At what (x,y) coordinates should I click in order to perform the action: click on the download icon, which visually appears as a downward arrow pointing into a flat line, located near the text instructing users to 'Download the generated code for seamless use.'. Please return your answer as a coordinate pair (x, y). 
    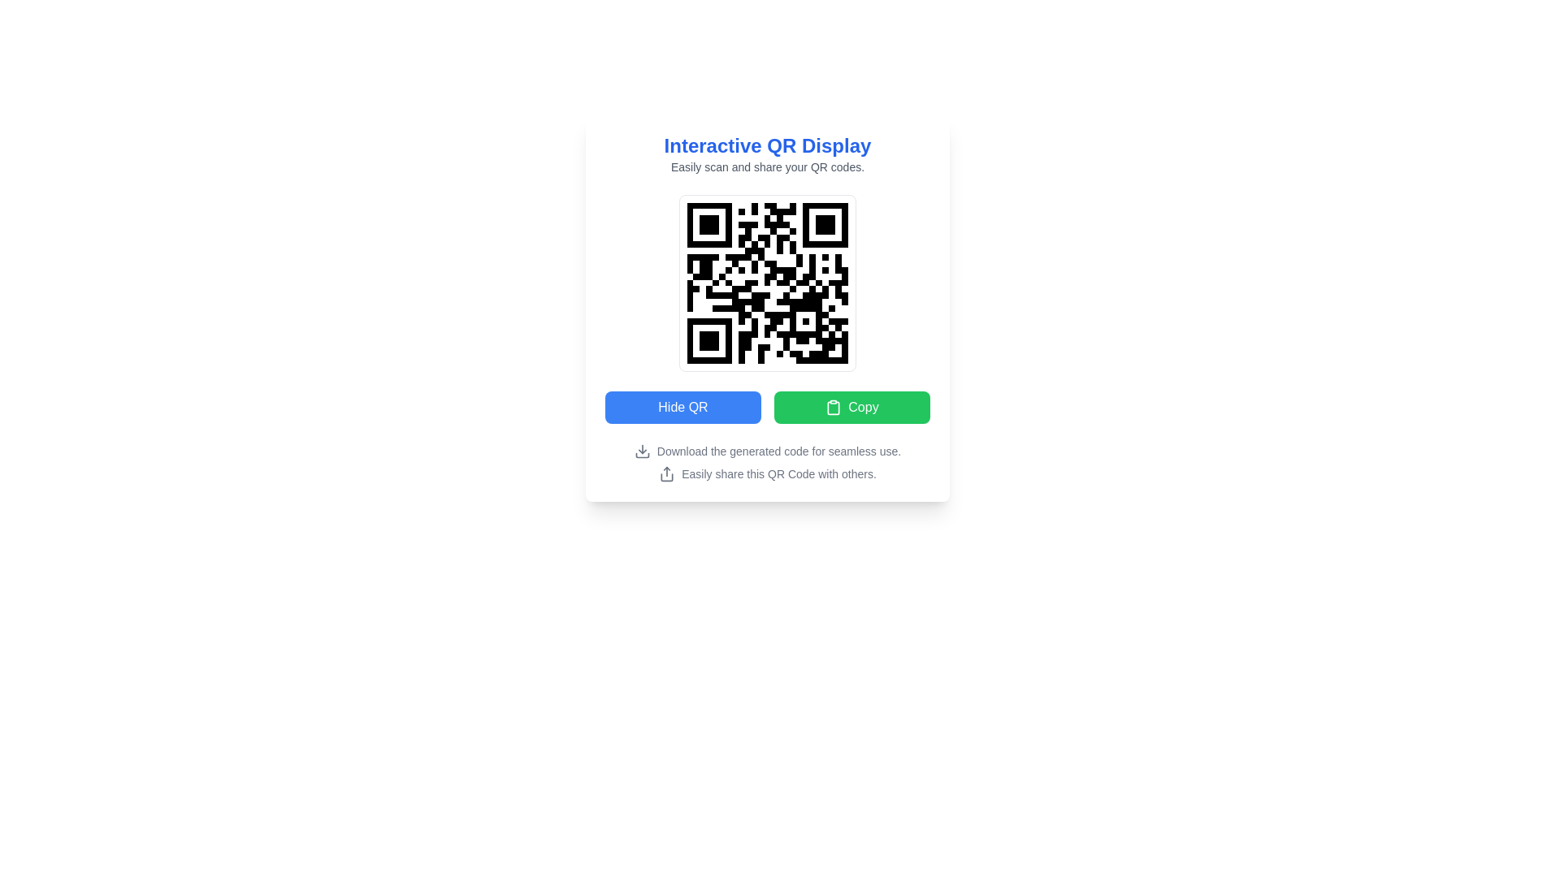
    Looking at the image, I should click on (641, 451).